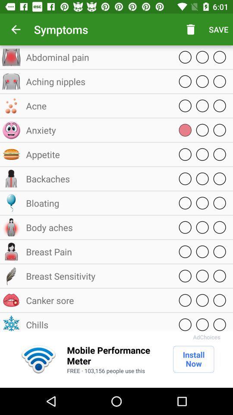  Describe the element at coordinates (16, 29) in the screenshot. I see `the item above the abdominal pain` at that location.